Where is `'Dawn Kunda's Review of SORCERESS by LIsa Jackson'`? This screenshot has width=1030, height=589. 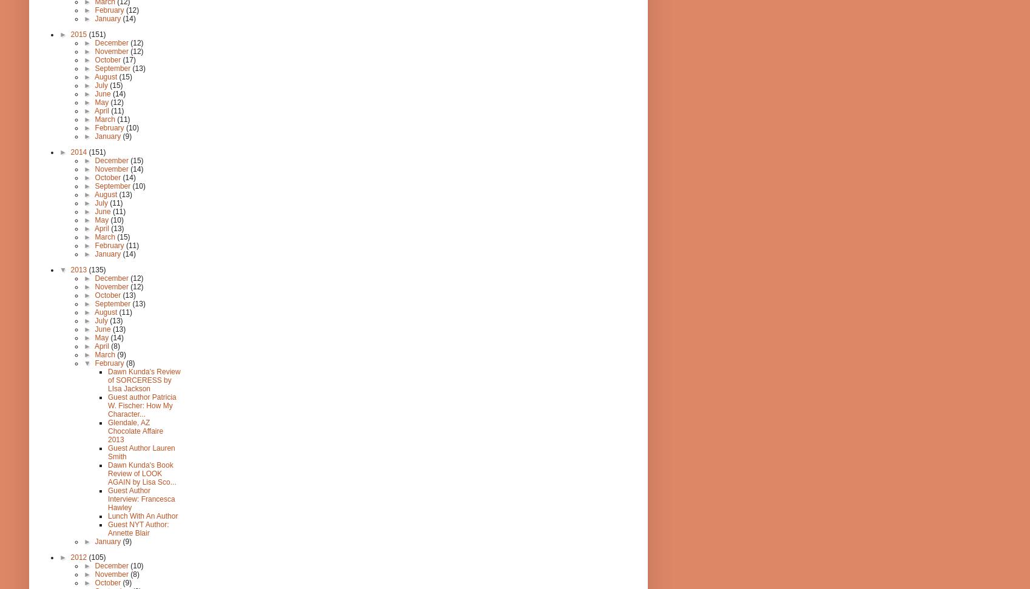 'Dawn Kunda's Review of SORCERESS by LIsa Jackson' is located at coordinates (107, 379).